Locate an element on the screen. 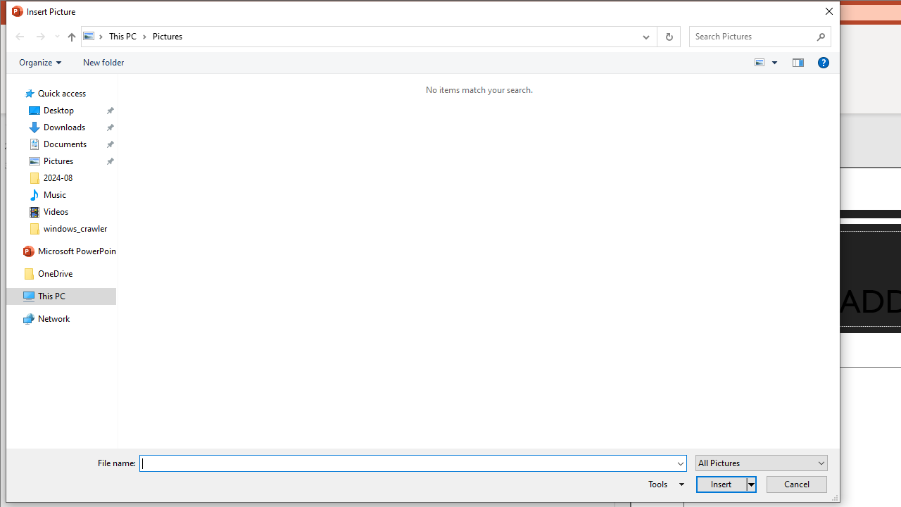 This screenshot has height=507, width=901. 'Navigation buttons' is located at coordinates (36, 35).